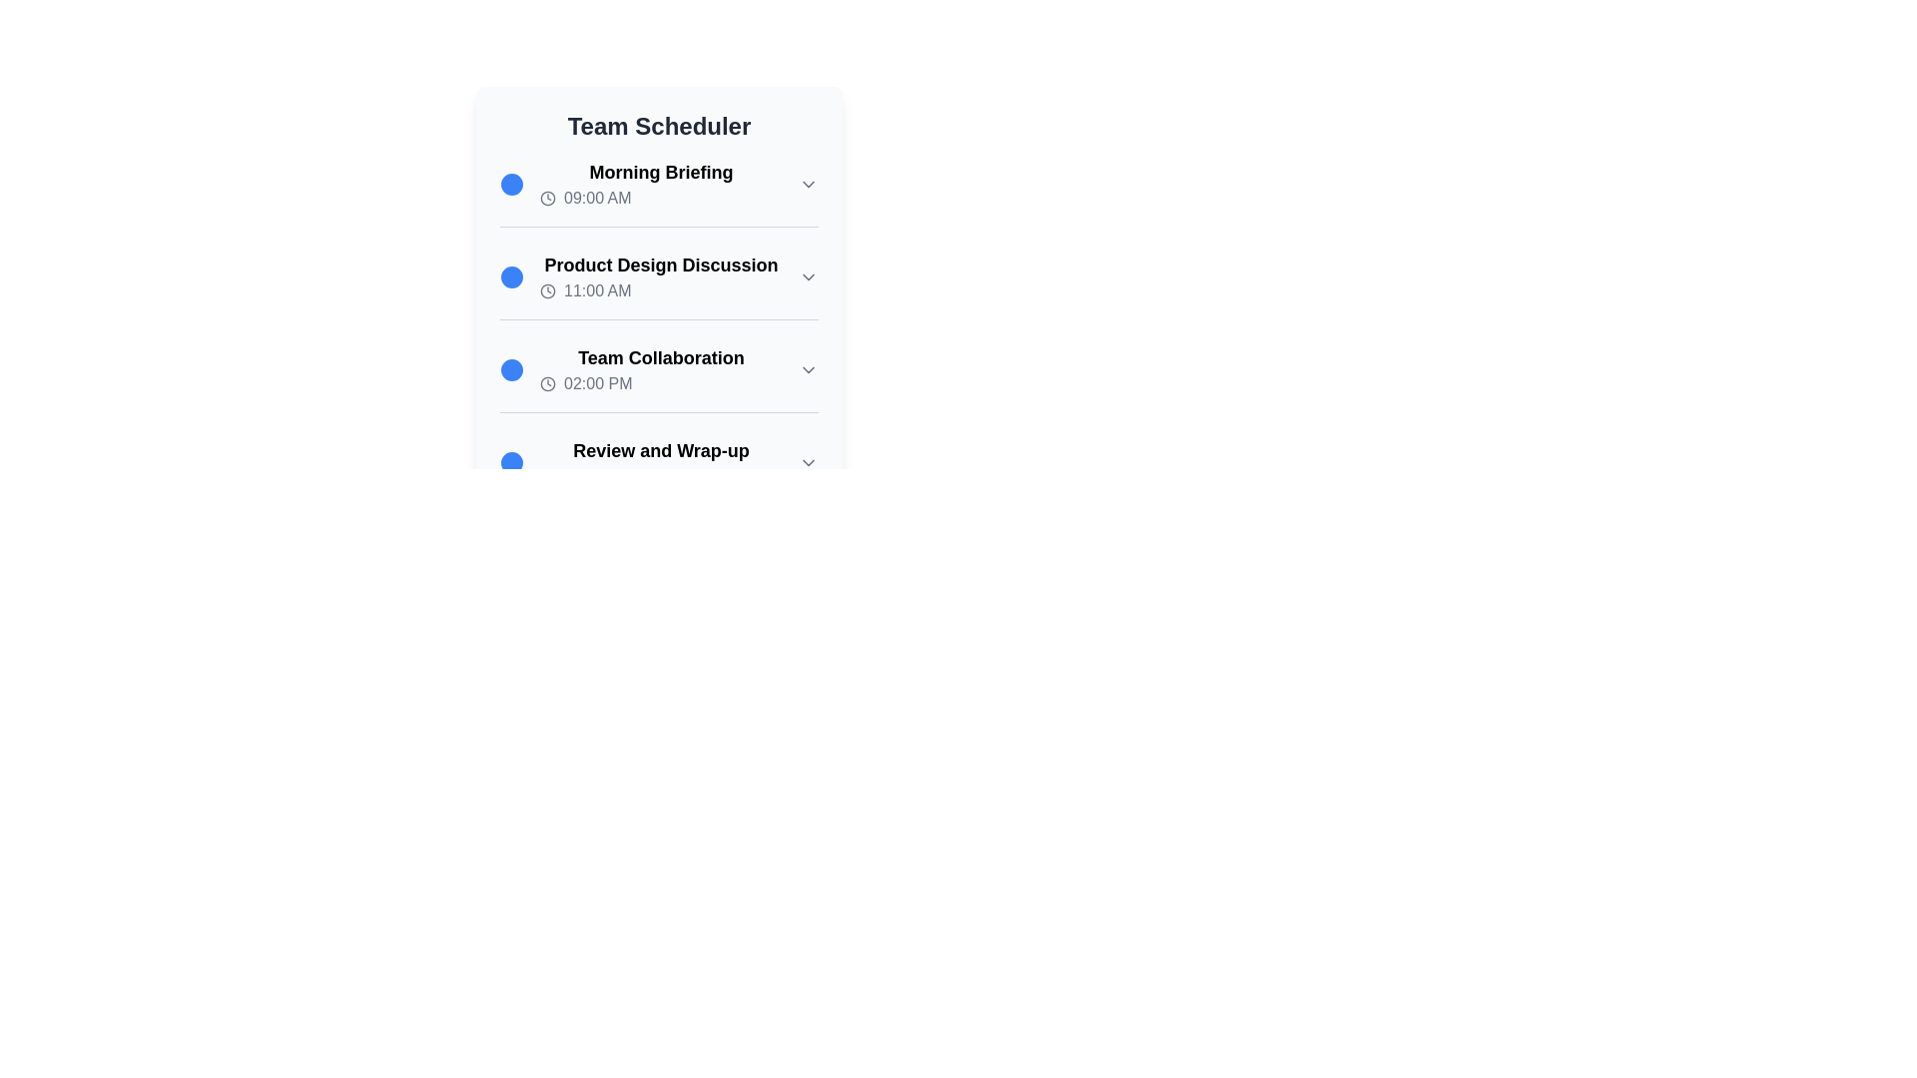 The height and width of the screenshot is (1078, 1917). Describe the element at coordinates (661, 369) in the screenshot. I see `the scheduled event list item titled 'Team Collaboration' located under 'Team Scheduler', which is the third item in the list between 'Product Design Discussion' and 'Review and Wrap-up'` at that location.